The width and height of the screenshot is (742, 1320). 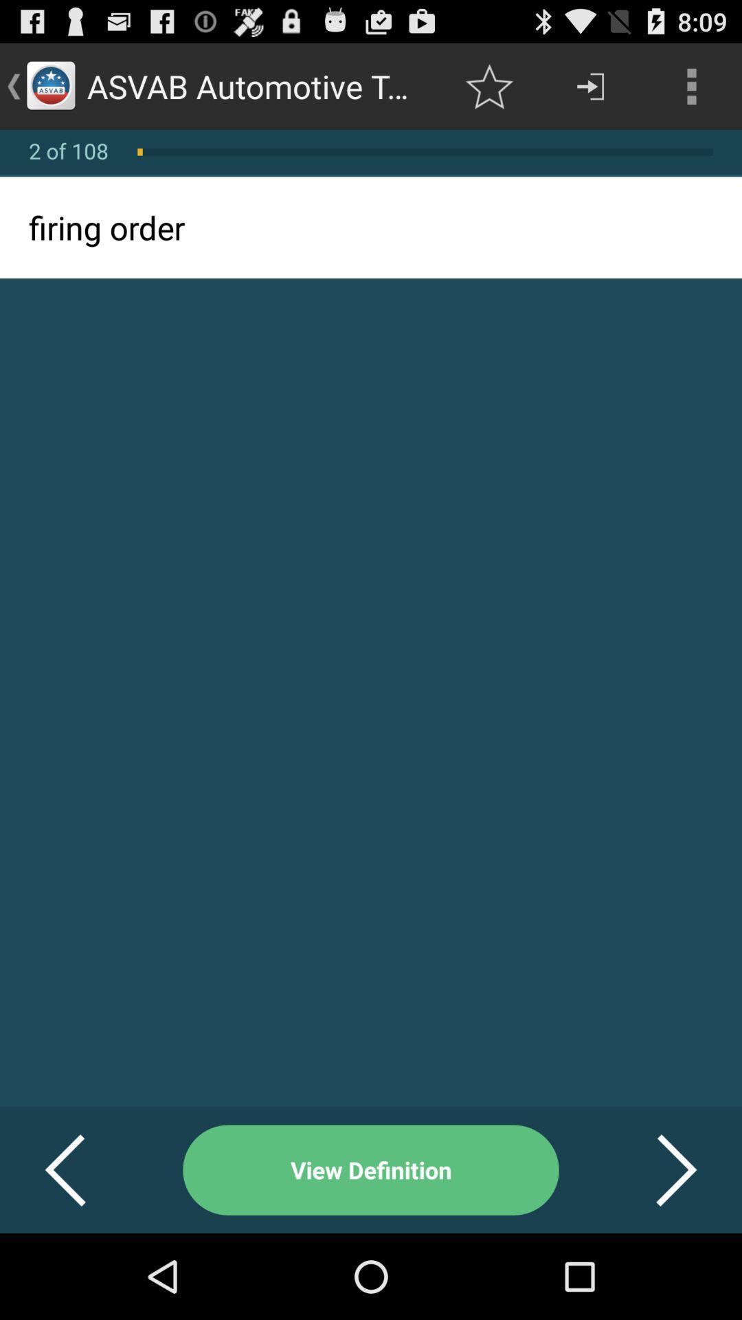 What do you see at coordinates (488, 85) in the screenshot?
I see `app to the right of asvab automotive terminologies` at bounding box center [488, 85].